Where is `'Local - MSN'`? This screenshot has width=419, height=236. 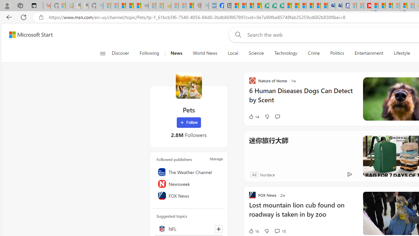
'Local - MSN' is located at coordinates (190, 6).